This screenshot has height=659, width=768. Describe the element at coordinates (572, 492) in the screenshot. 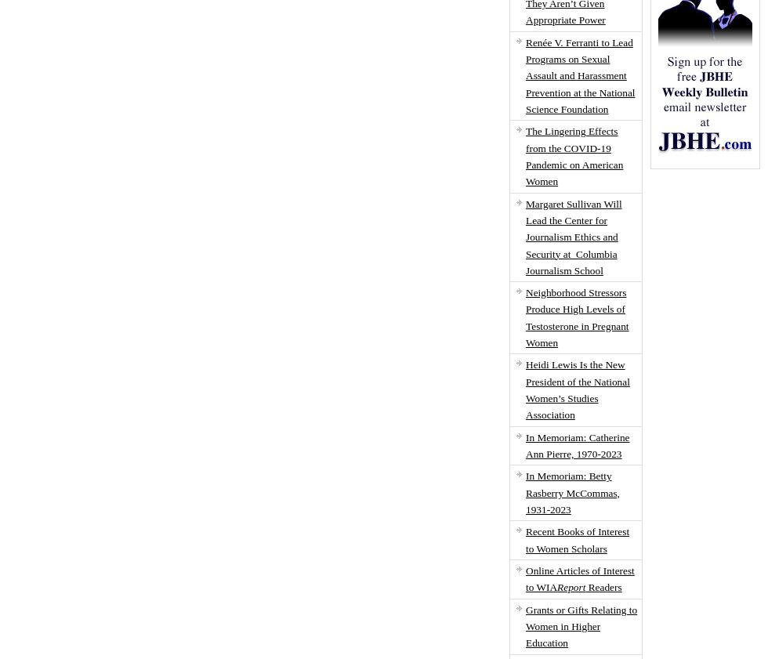

I see `'In Memoriam: Betty Rasberry McCommas, 1931-2023'` at that location.